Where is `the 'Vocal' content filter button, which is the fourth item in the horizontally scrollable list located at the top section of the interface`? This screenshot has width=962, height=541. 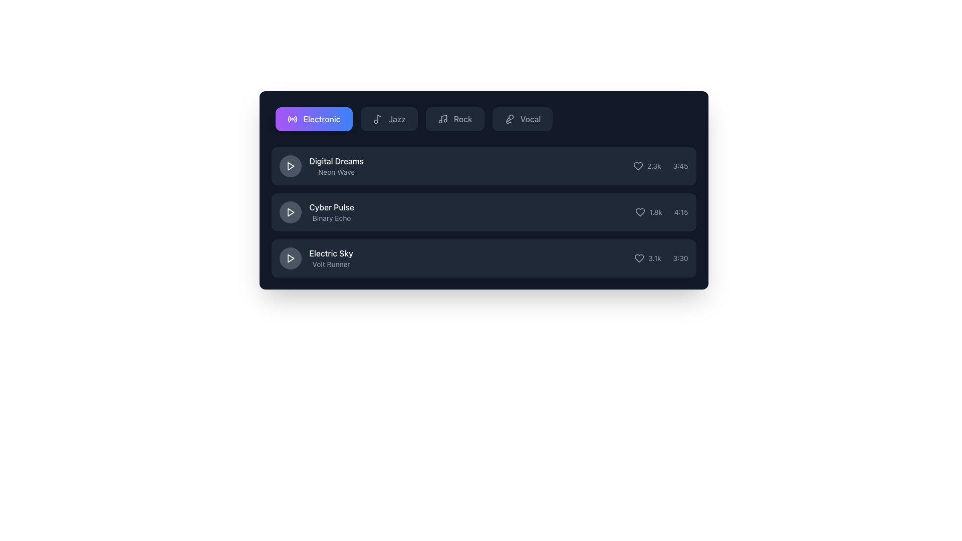
the 'Vocal' content filter button, which is the fourth item in the horizontally scrollable list located at the top section of the interface is located at coordinates (522, 119).